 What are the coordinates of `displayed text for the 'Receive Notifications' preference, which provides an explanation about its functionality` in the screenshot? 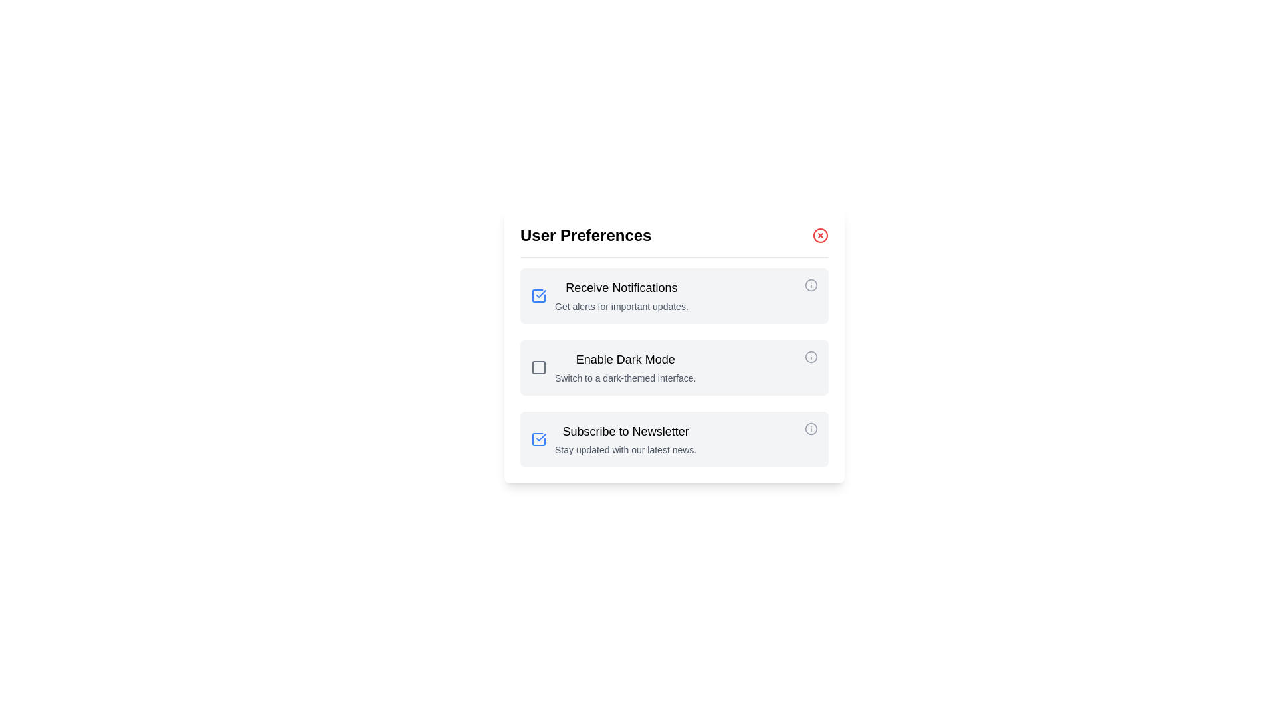 It's located at (621, 295).